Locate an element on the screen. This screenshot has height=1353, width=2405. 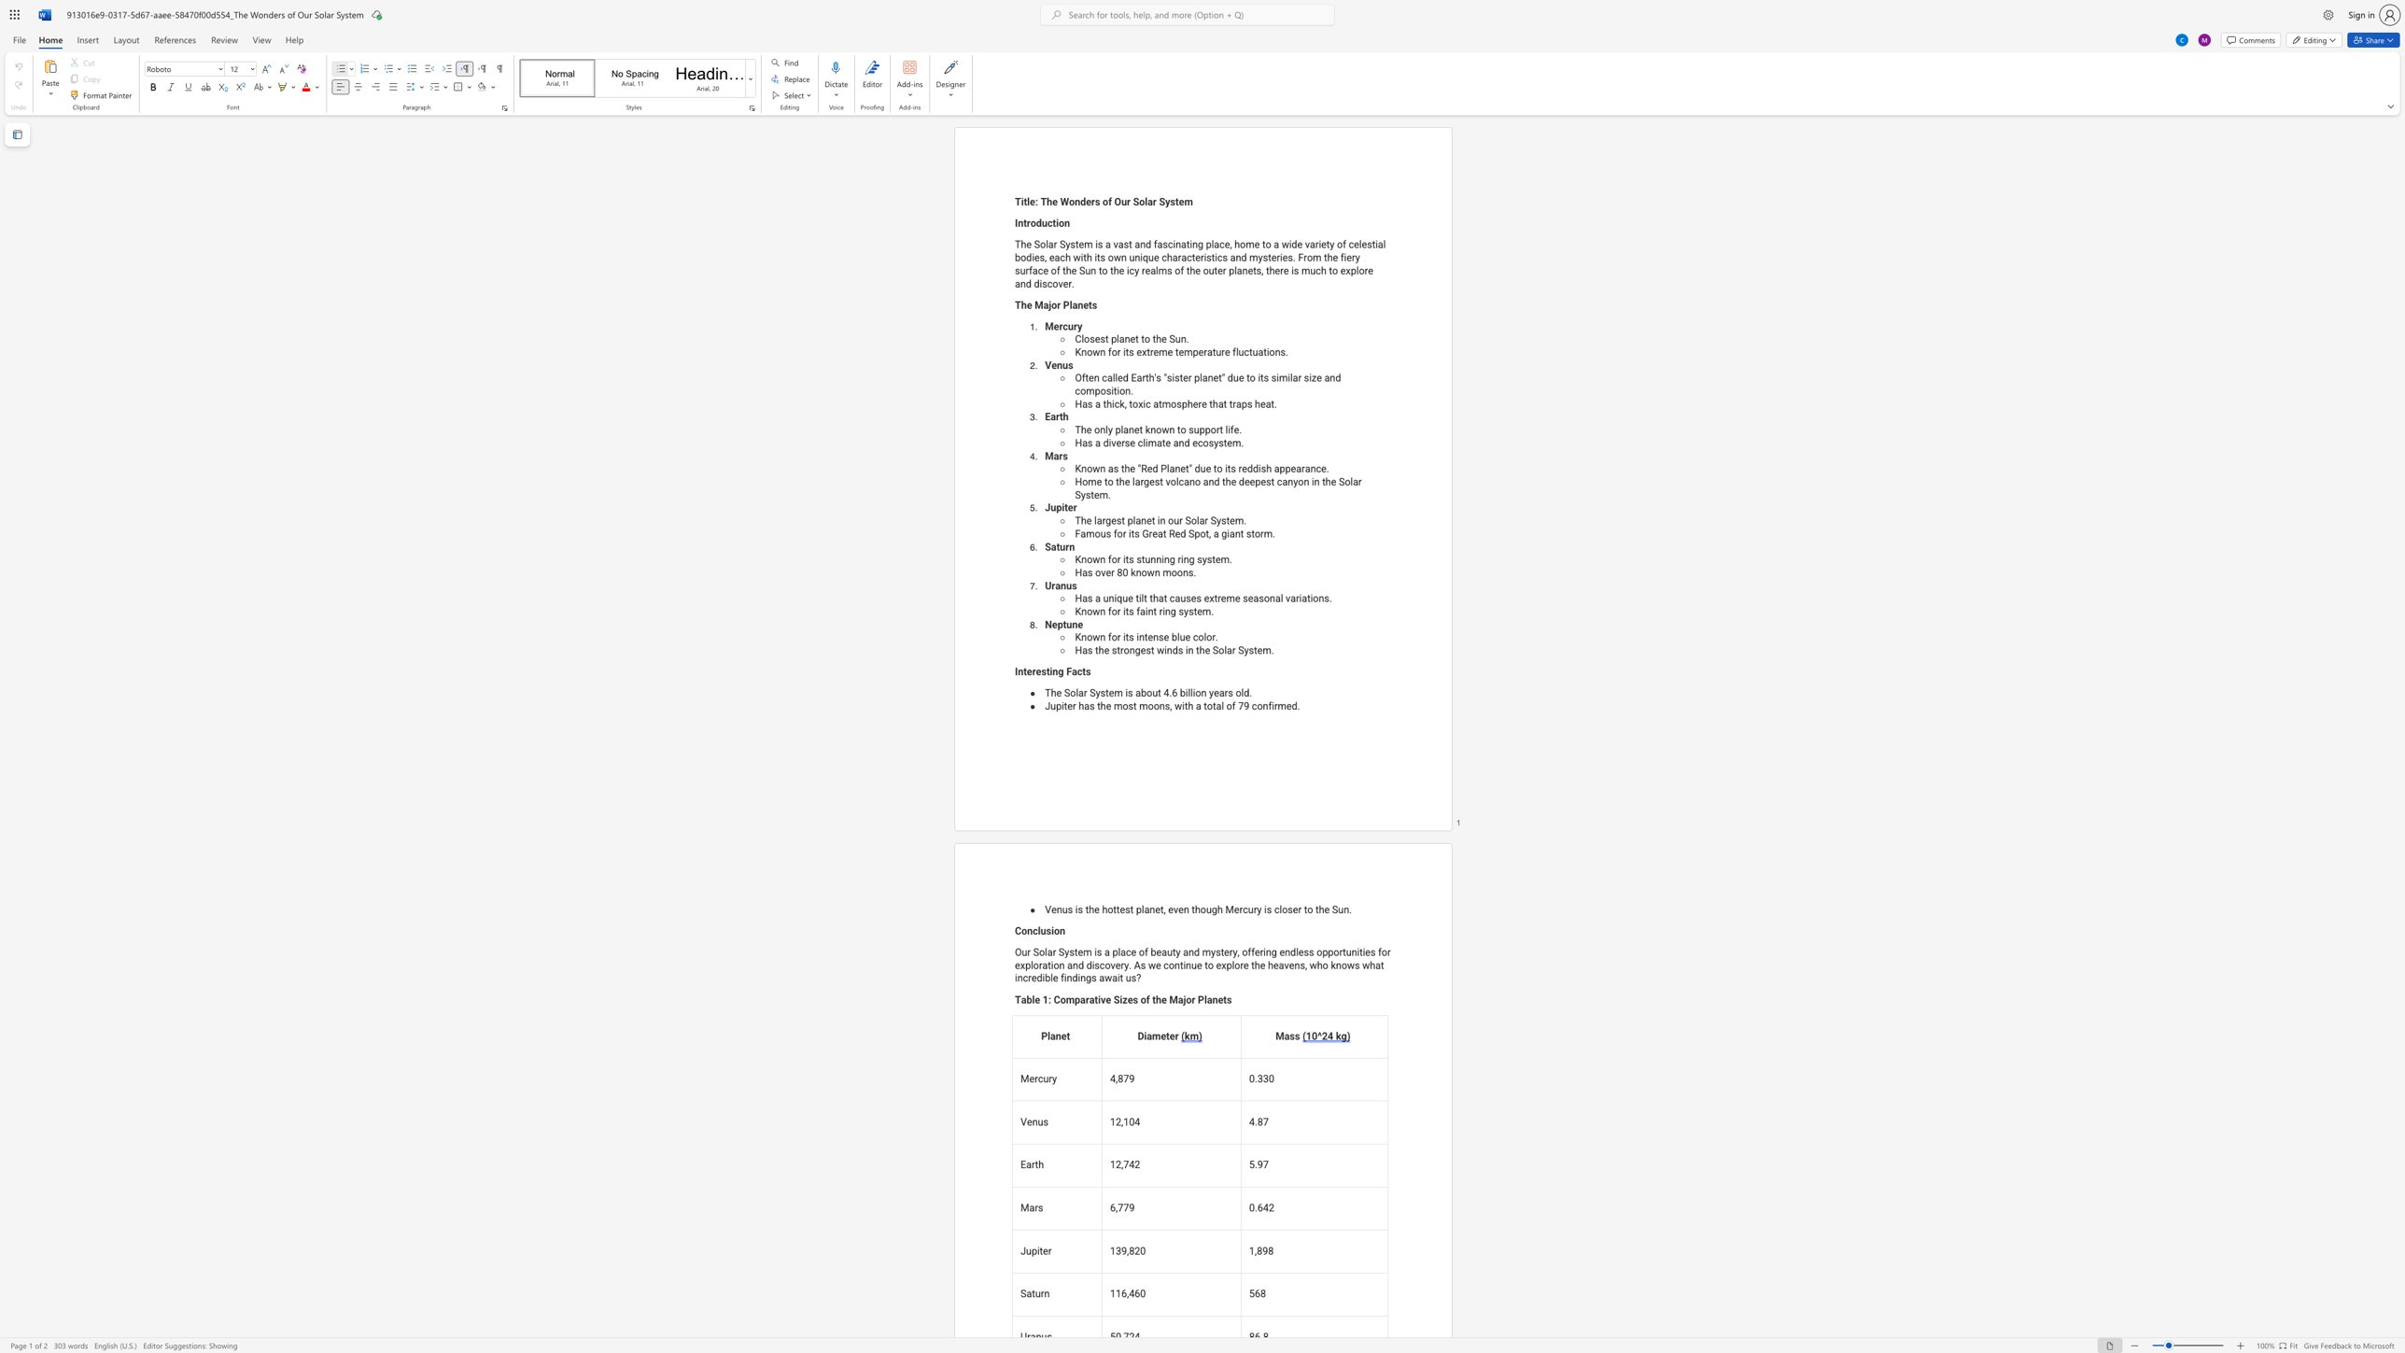
the 2th character "e" in the text is located at coordinates (1143, 650).